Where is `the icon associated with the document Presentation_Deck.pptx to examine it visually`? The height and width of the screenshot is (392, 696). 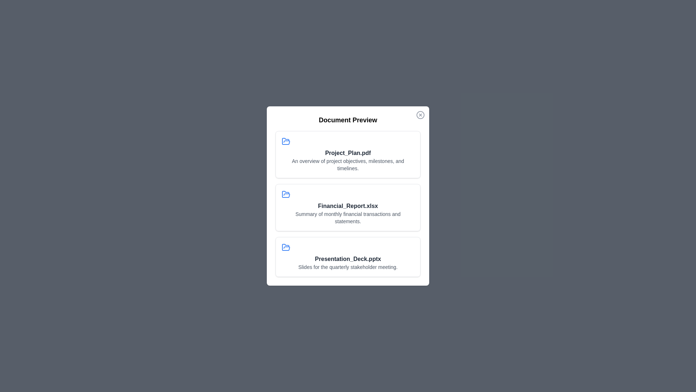 the icon associated with the document Presentation_Deck.pptx to examine it visually is located at coordinates (285, 247).